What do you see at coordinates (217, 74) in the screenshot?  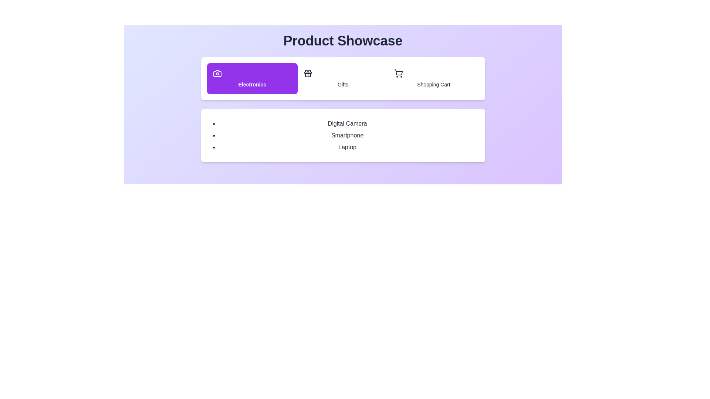 I see `the 'Electronics' icon located in the top-left section of the purple button in the horizontal menu bar, which helps users select the Electronics category` at bounding box center [217, 74].